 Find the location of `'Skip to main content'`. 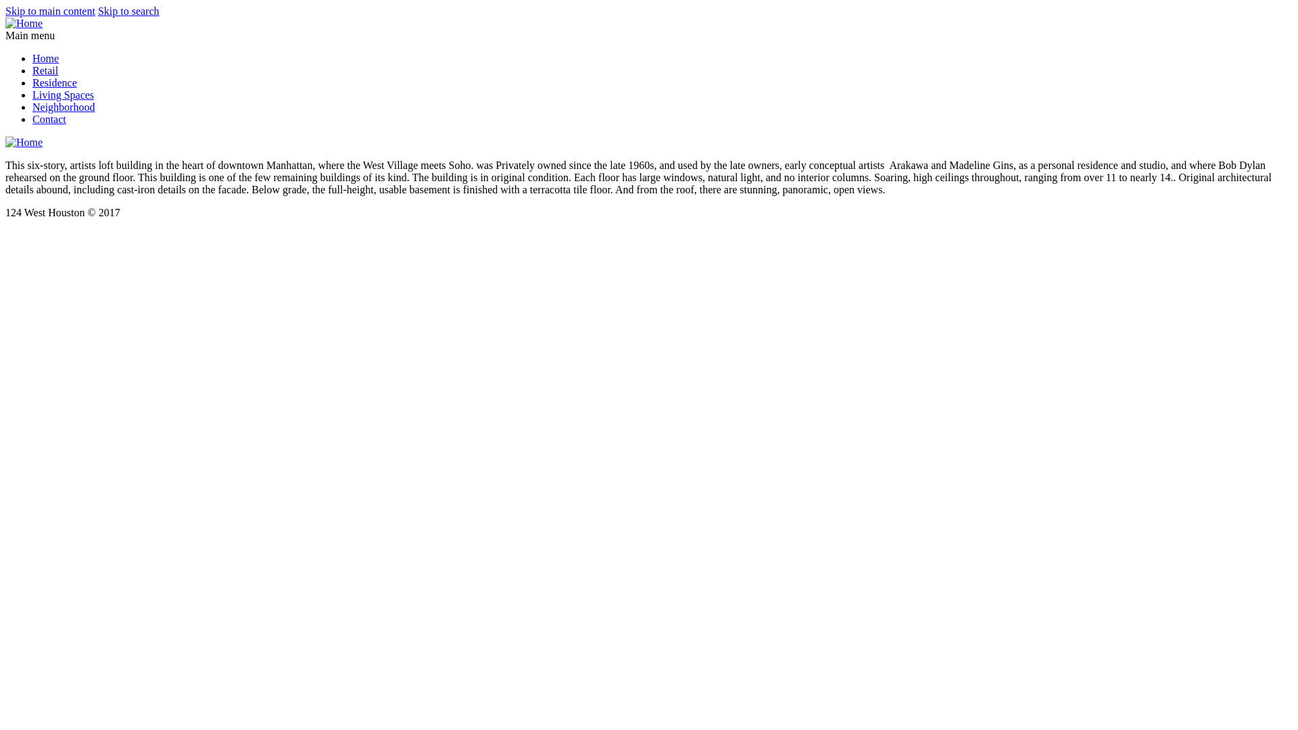

'Skip to main content' is located at coordinates (50, 11).